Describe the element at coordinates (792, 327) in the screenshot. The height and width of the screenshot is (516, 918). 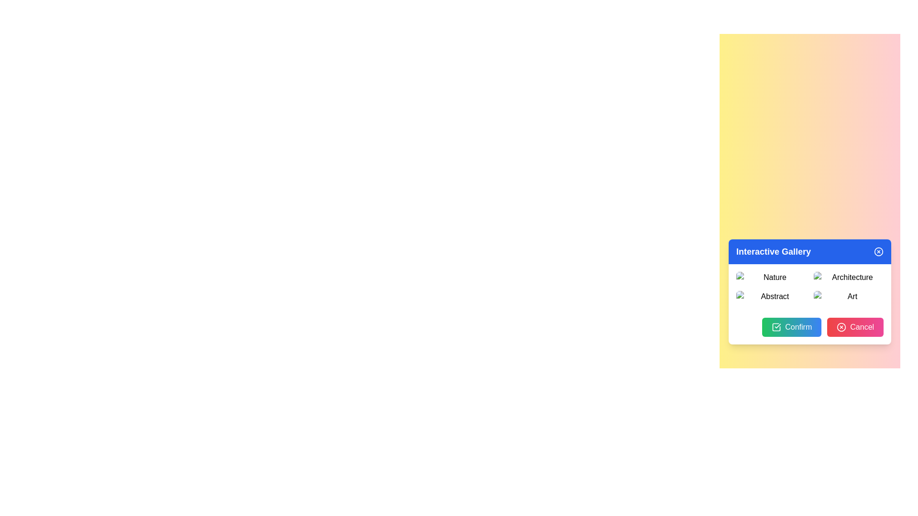
I see `the confirmation button located in the lower-right area of the modal dialog box, adjacent to the 'Cancel' button` at that location.